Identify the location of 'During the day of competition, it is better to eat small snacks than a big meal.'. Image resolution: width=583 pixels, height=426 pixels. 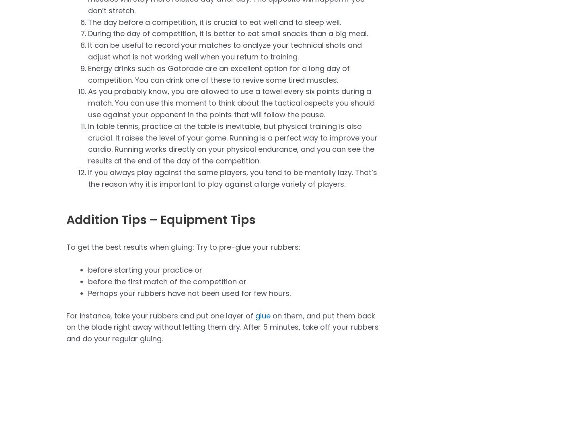
(228, 33).